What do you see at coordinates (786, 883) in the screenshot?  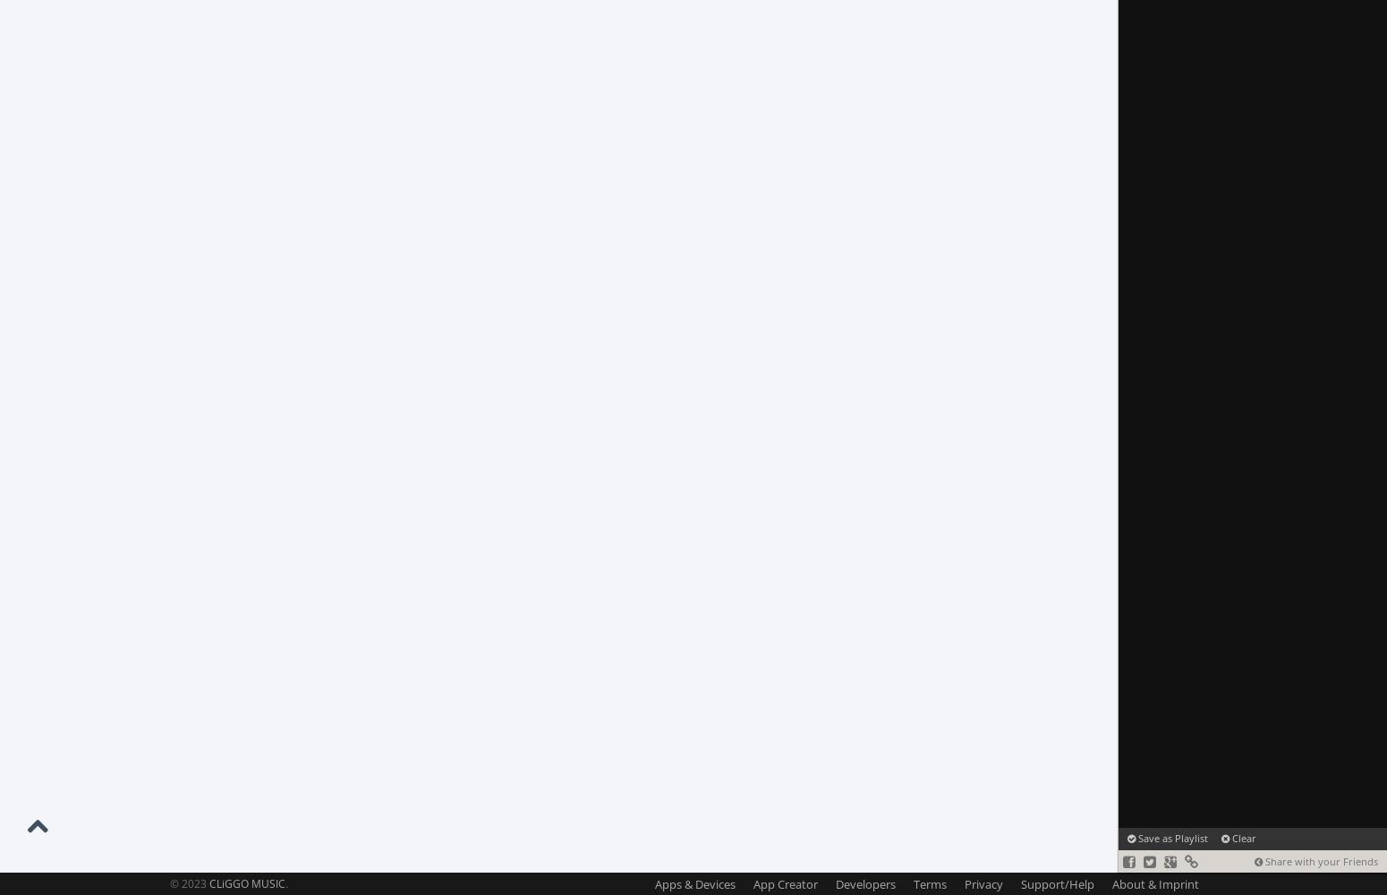 I see `'App Creator'` at bounding box center [786, 883].